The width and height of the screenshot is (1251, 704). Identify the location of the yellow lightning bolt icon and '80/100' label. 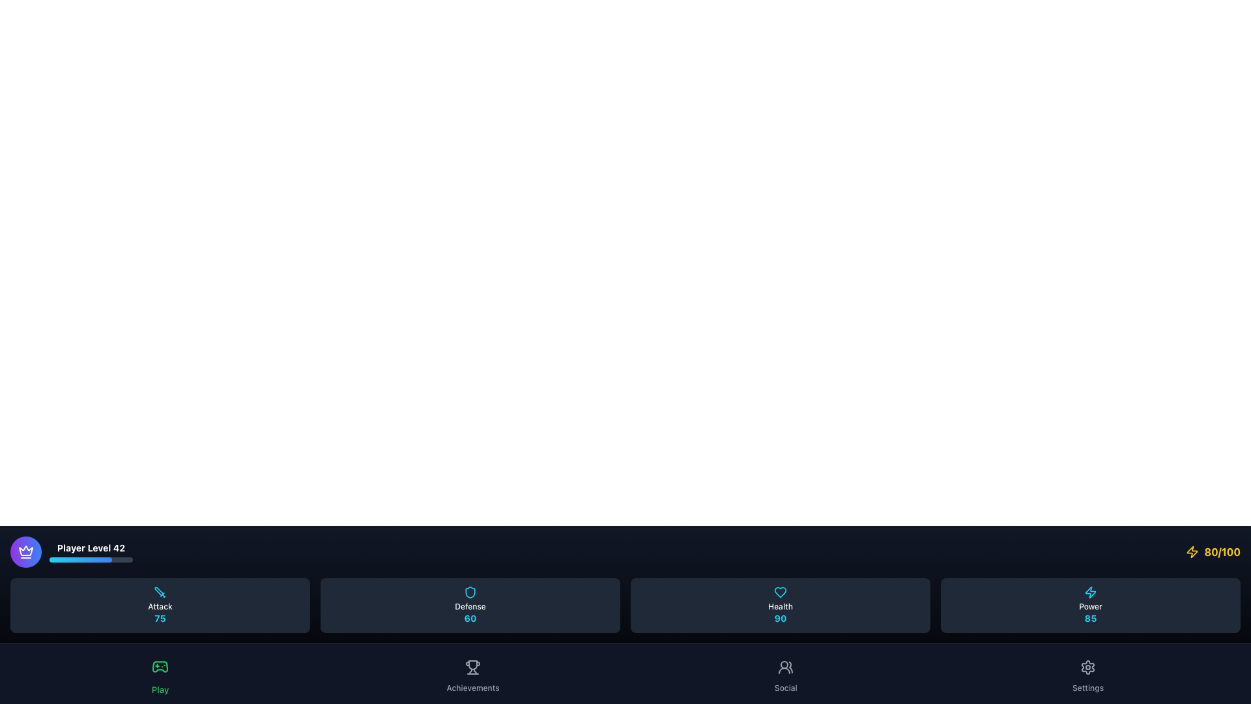
(1213, 552).